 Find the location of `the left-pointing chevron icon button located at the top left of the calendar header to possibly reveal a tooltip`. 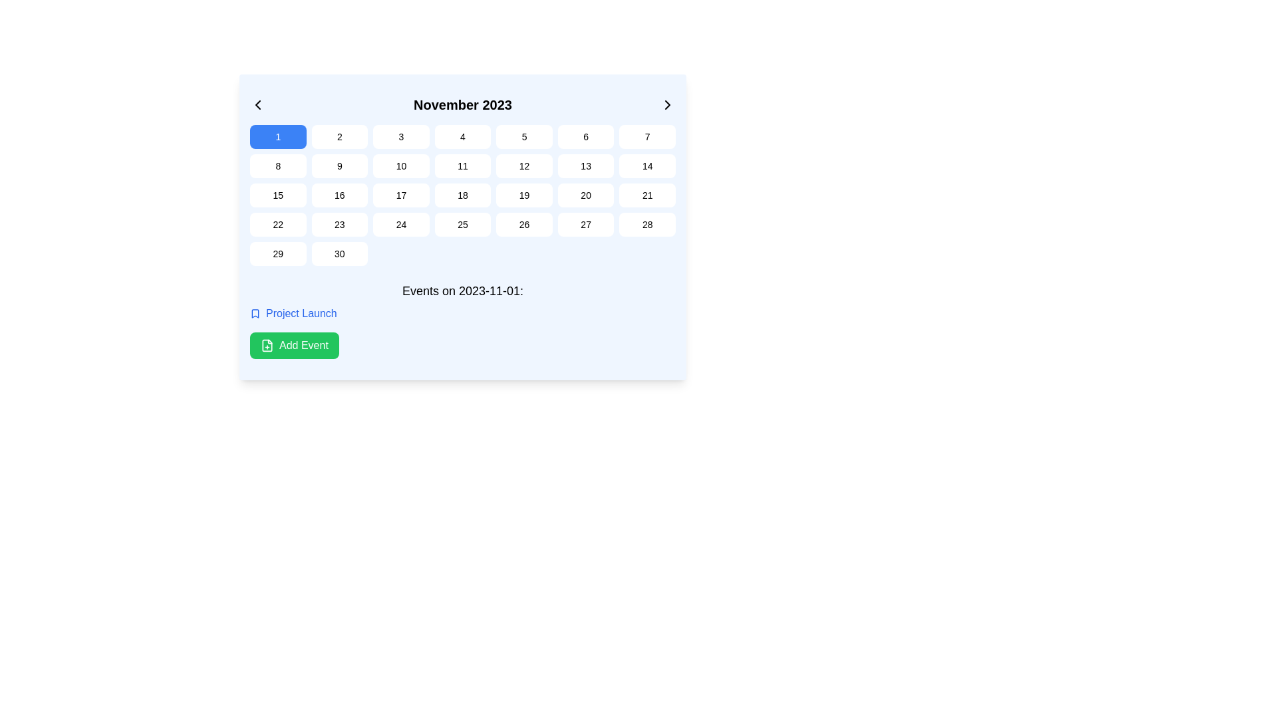

the left-pointing chevron icon button located at the top left of the calendar header to possibly reveal a tooltip is located at coordinates (258, 104).